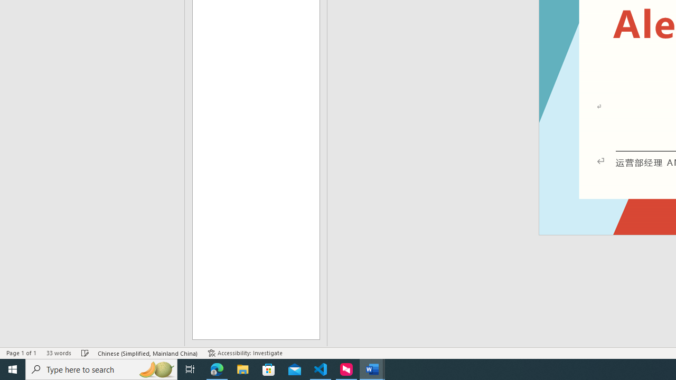  I want to click on 'Language Chinese (Simplified, Mainland China)', so click(147, 353).